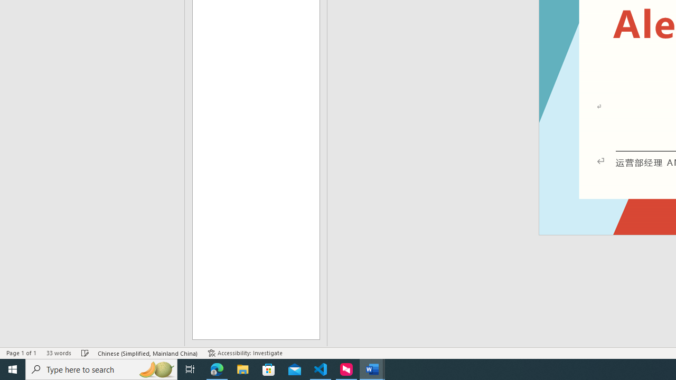  I want to click on 'Language Chinese (Simplified, Mainland China)', so click(147, 353).